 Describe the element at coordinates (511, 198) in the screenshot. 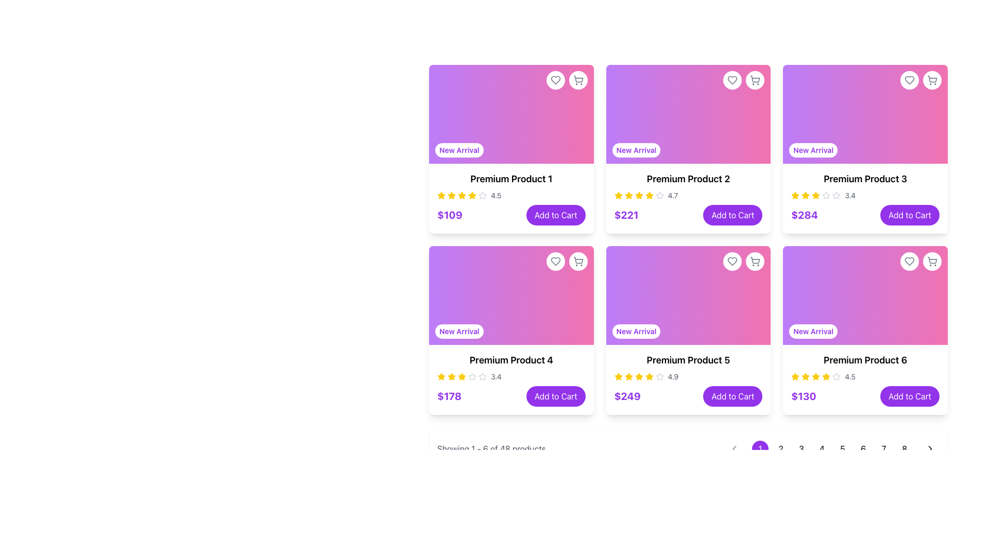

I see `the yellow stars in the 'Premium Product 1' card` at that location.